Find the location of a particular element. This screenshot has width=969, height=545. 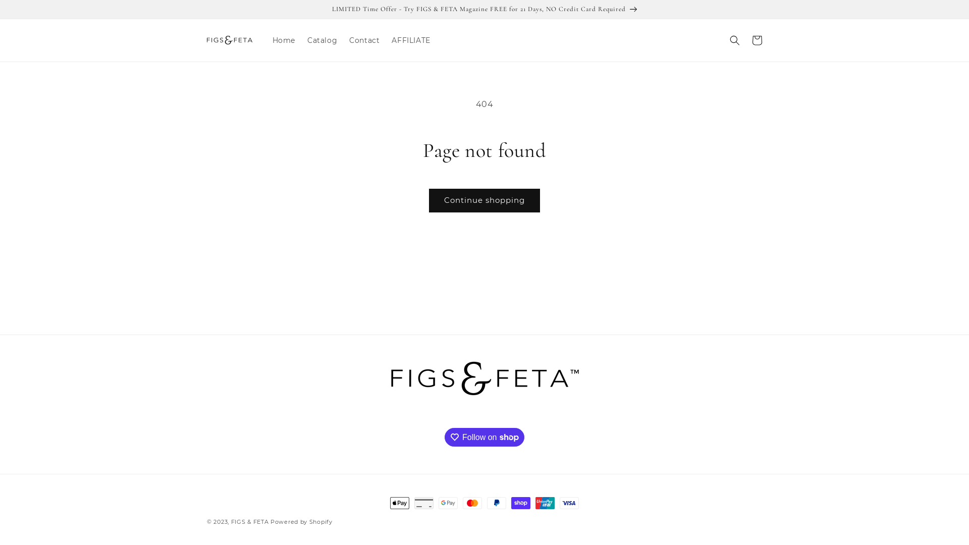

'Contact' is located at coordinates (363, 40).